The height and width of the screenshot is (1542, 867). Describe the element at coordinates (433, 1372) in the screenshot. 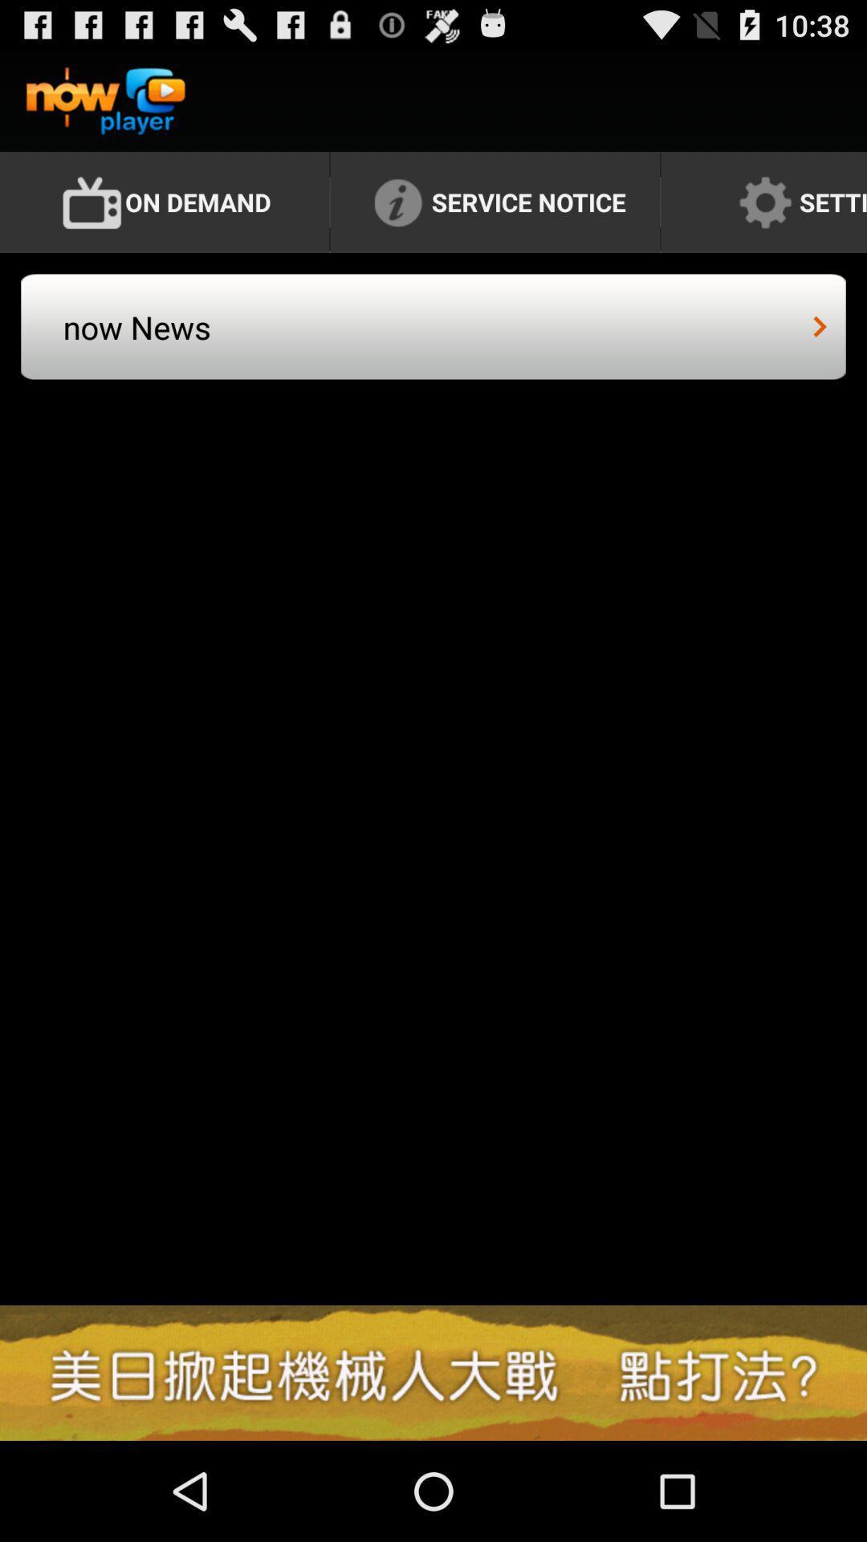

I see `the app below now news app` at that location.